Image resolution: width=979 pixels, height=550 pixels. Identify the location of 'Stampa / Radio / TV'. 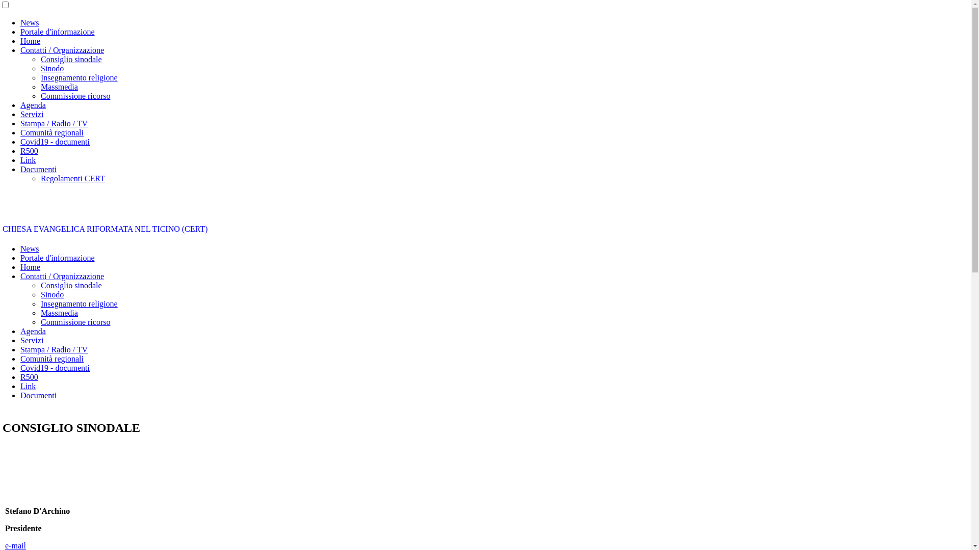
(53, 349).